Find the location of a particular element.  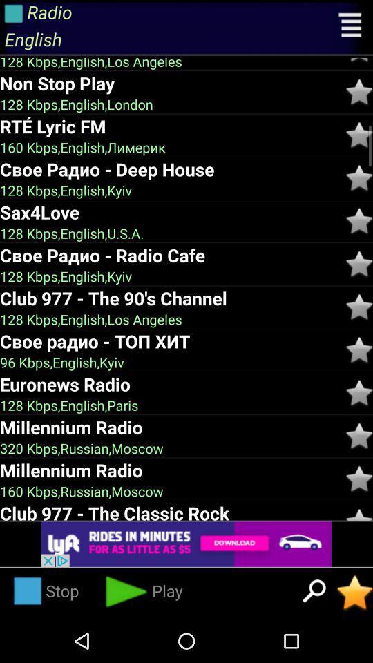

for rating is located at coordinates (359, 263).